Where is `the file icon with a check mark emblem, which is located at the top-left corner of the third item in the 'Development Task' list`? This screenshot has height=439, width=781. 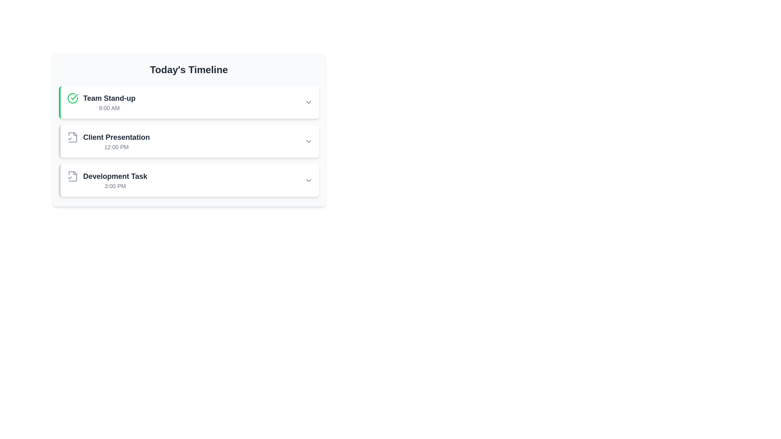 the file icon with a check mark emblem, which is located at the top-left corner of the third item in the 'Development Task' list is located at coordinates (72, 176).